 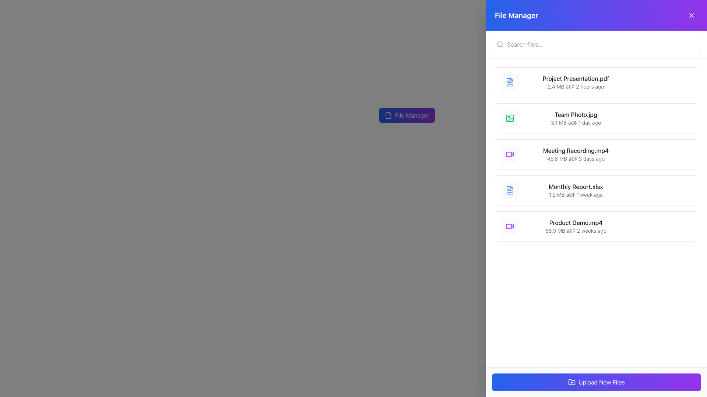 What do you see at coordinates (597, 154) in the screenshot?
I see `the file entry 'Meeting Recording.mp4' from the list in the 'File Manager' panel` at bounding box center [597, 154].